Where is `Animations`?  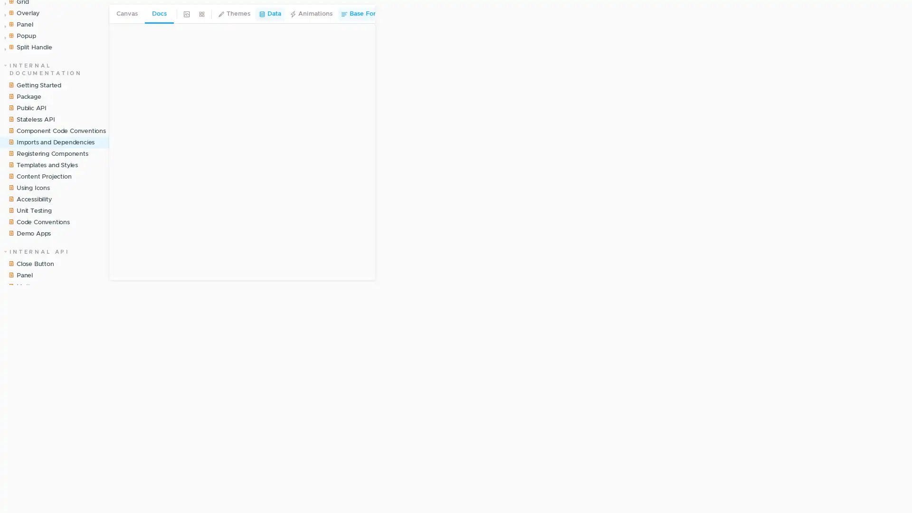
Animations is located at coordinates (311, 14).